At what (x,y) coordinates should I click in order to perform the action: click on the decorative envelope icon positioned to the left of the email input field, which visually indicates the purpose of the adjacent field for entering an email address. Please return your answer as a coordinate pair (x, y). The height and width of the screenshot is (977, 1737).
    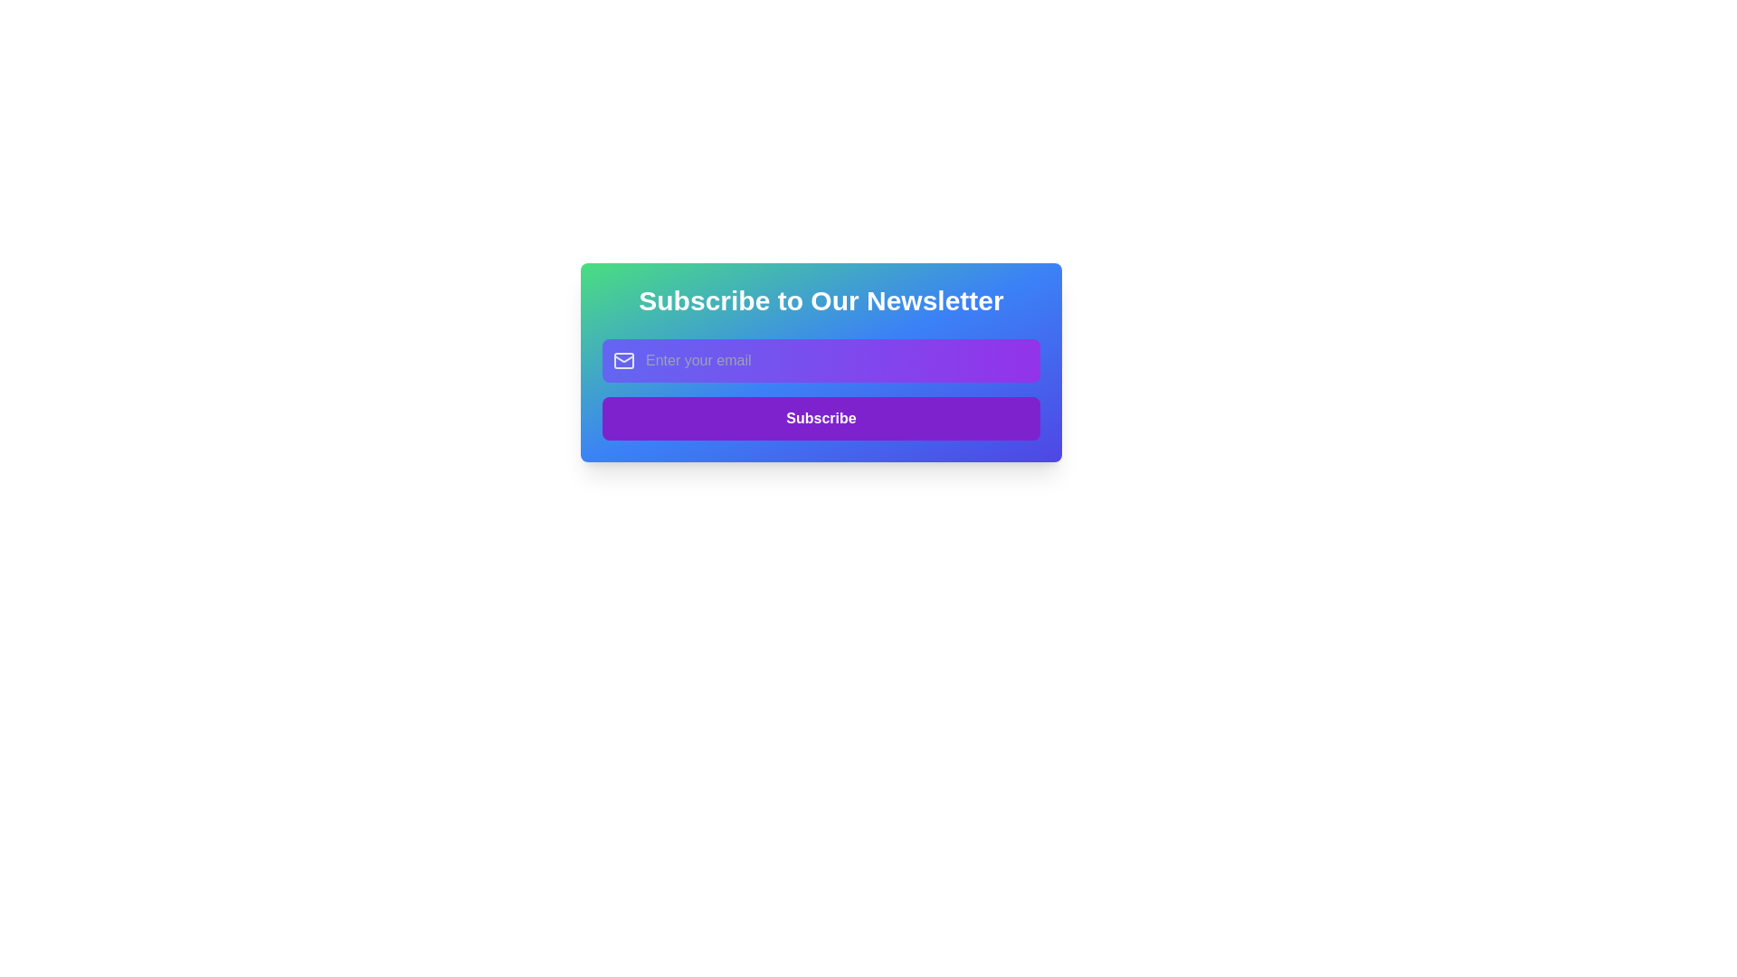
    Looking at the image, I should click on (624, 360).